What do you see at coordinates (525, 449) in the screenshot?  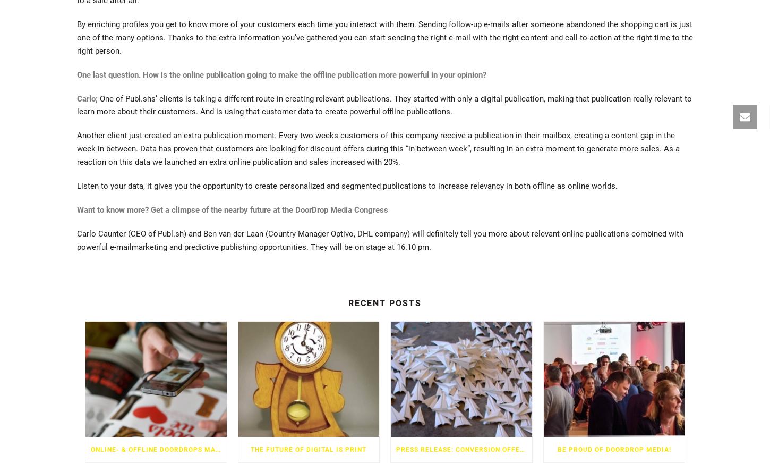 I see `'PRESS RELEASE: CONVERSION OFFERS ONLINE AND PAPER FLYER SIMULAR'` at bounding box center [525, 449].